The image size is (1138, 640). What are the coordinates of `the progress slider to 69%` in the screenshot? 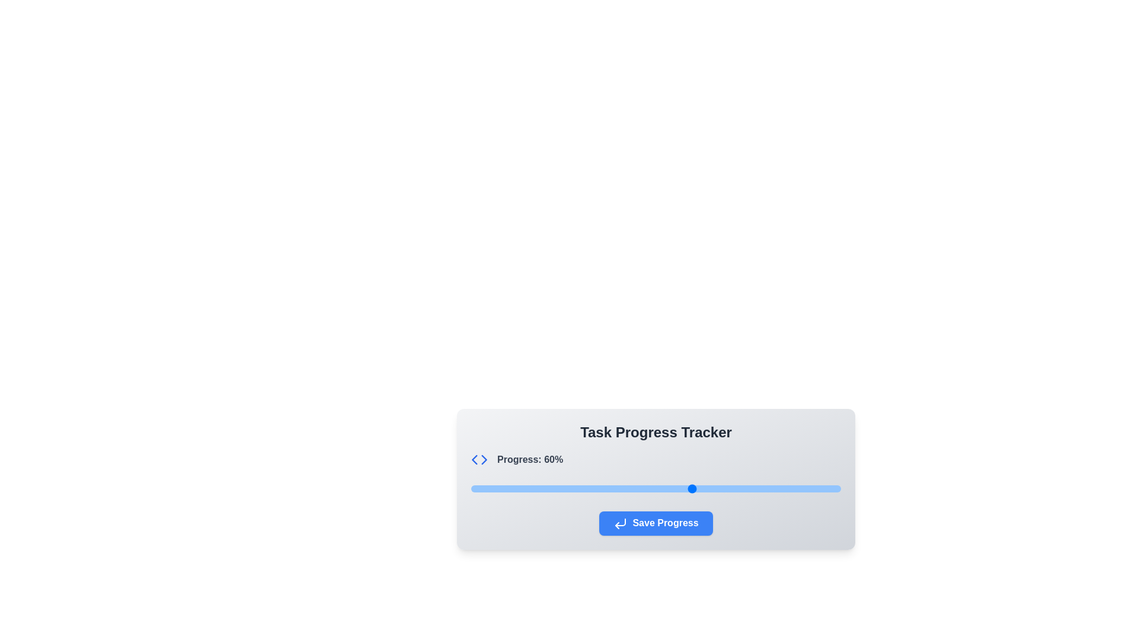 It's located at (725, 489).